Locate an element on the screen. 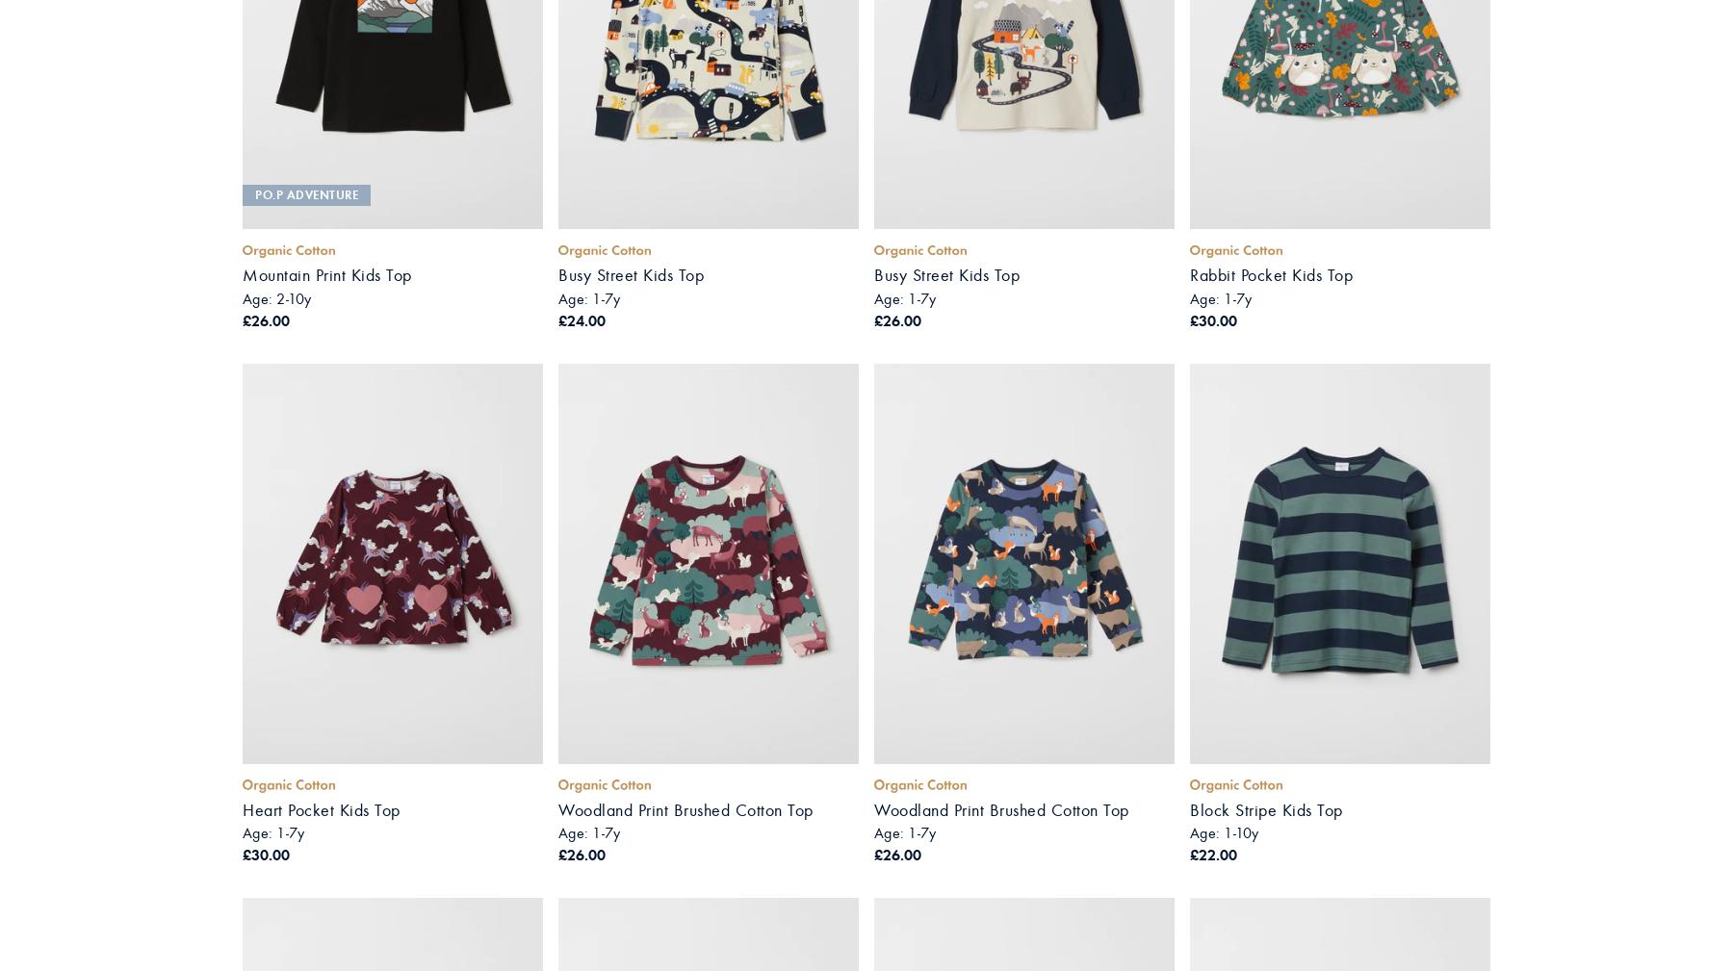 This screenshot has height=971, width=1733. 'Block Stripe Kids Top' is located at coordinates (1266, 809).